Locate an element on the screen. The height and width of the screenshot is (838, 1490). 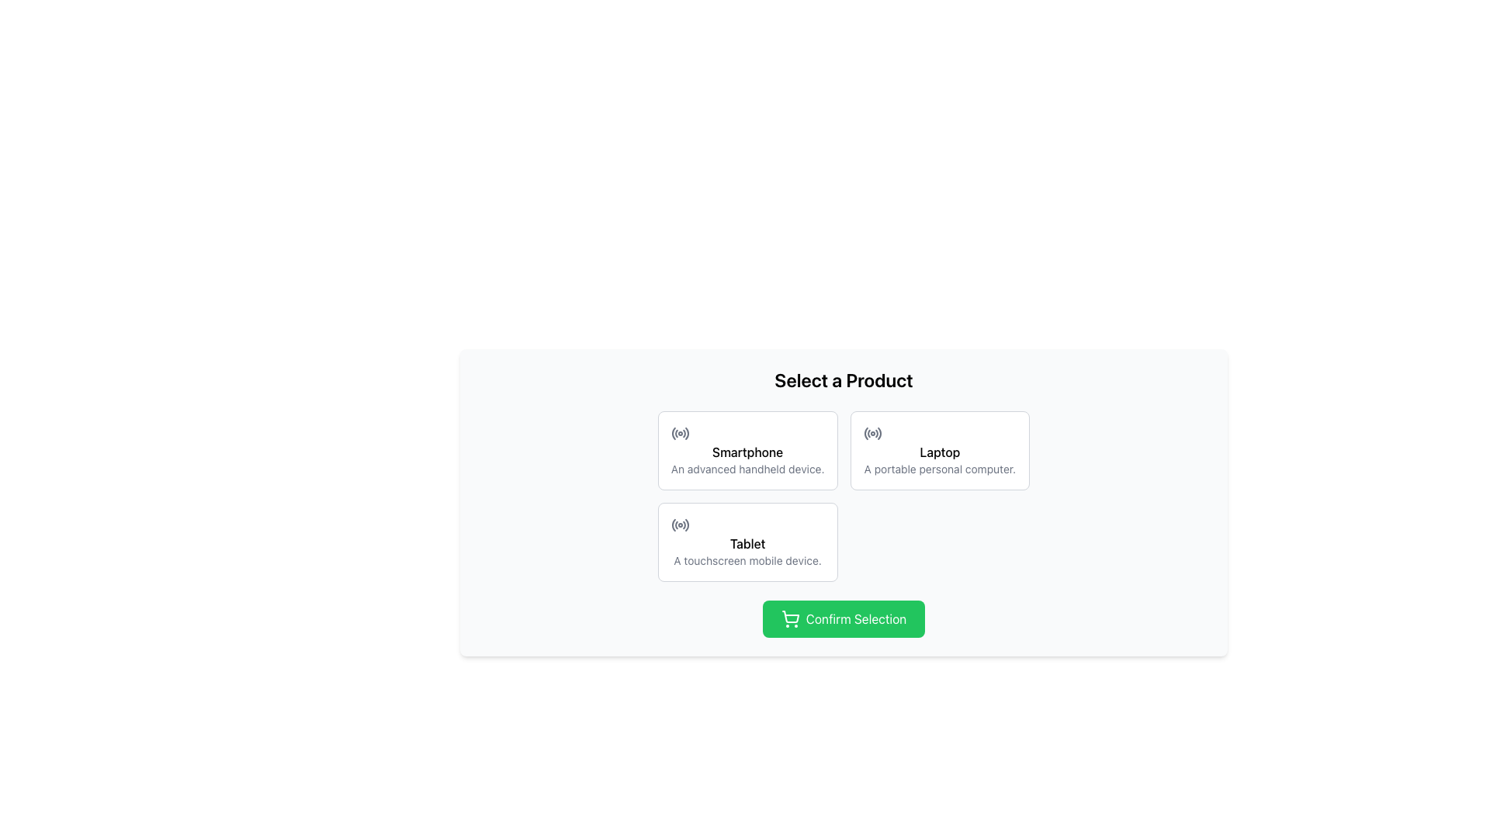
the SVG icon resembling a radio wave symbol, which is located to the left of the 'Laptop' label in the options layout is located at coordinates (872, 434).